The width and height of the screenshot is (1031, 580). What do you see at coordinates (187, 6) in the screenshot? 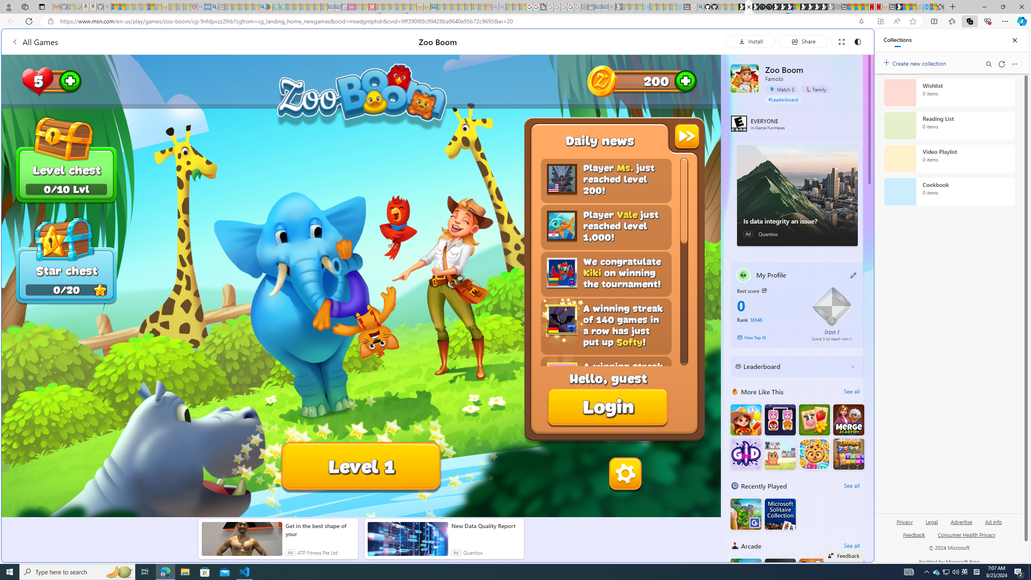
I see `'Local - MSN - Sleeping'` at bounding box center [187, 6].